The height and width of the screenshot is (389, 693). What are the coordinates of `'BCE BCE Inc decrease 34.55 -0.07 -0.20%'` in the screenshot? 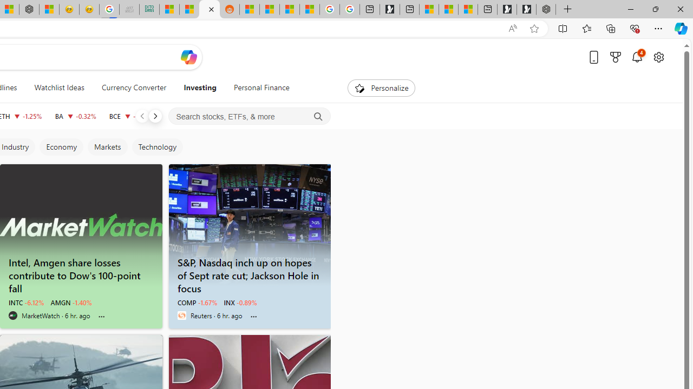 It's located at (130, 116).